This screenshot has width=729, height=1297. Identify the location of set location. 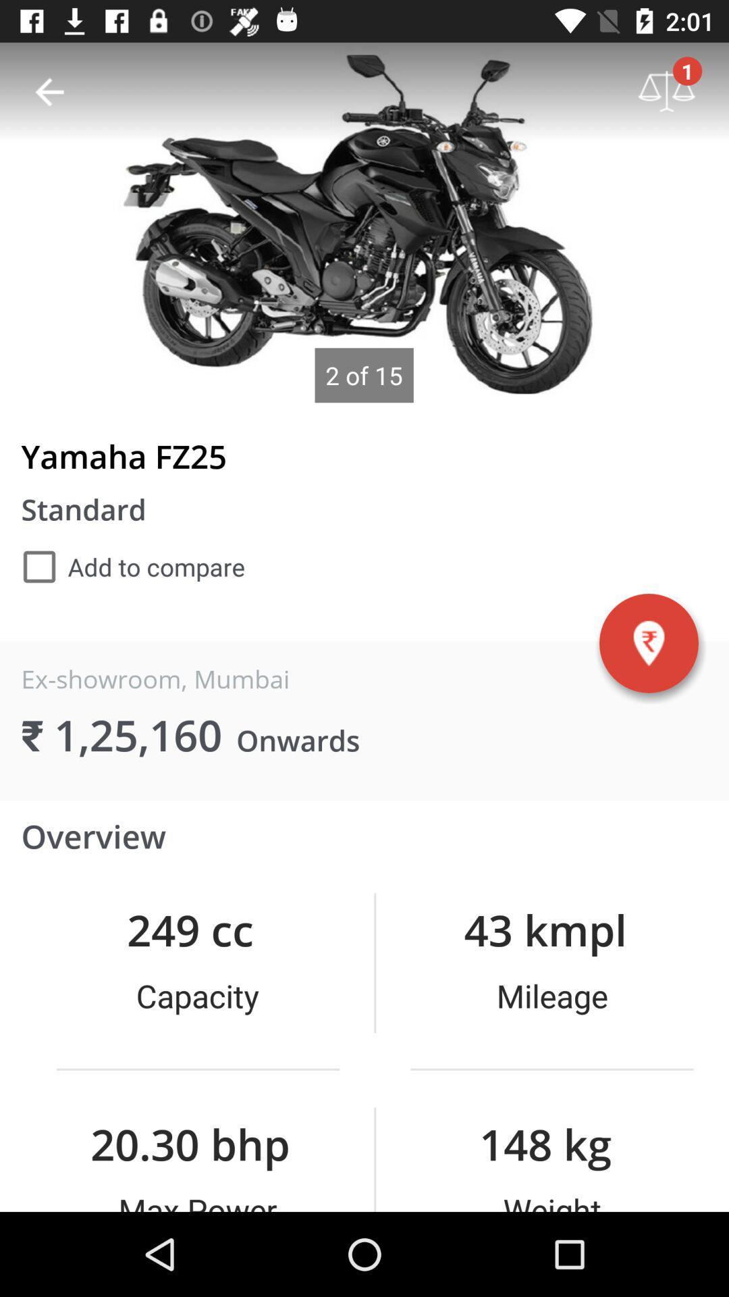
(648, 642).